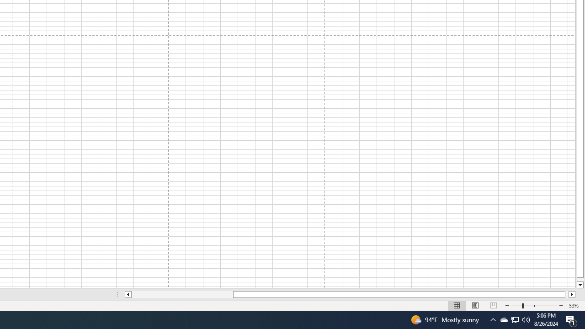 The image size is (585, 329). What do you see at coordinates (580, 279) in the screenshot?
I see `'Page down'` at bounding box center [580, 279].